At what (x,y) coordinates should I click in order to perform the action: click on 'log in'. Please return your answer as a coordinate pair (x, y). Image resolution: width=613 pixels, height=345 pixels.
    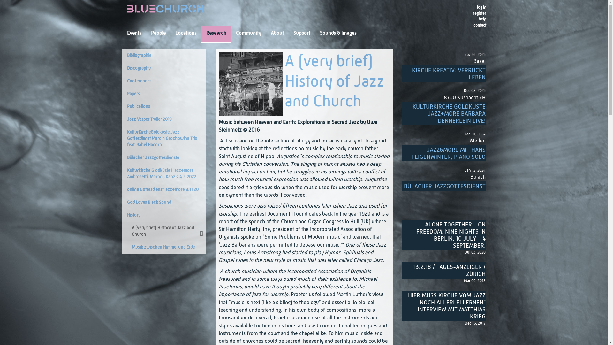
    Looking at the image, I should click on (473, 7).